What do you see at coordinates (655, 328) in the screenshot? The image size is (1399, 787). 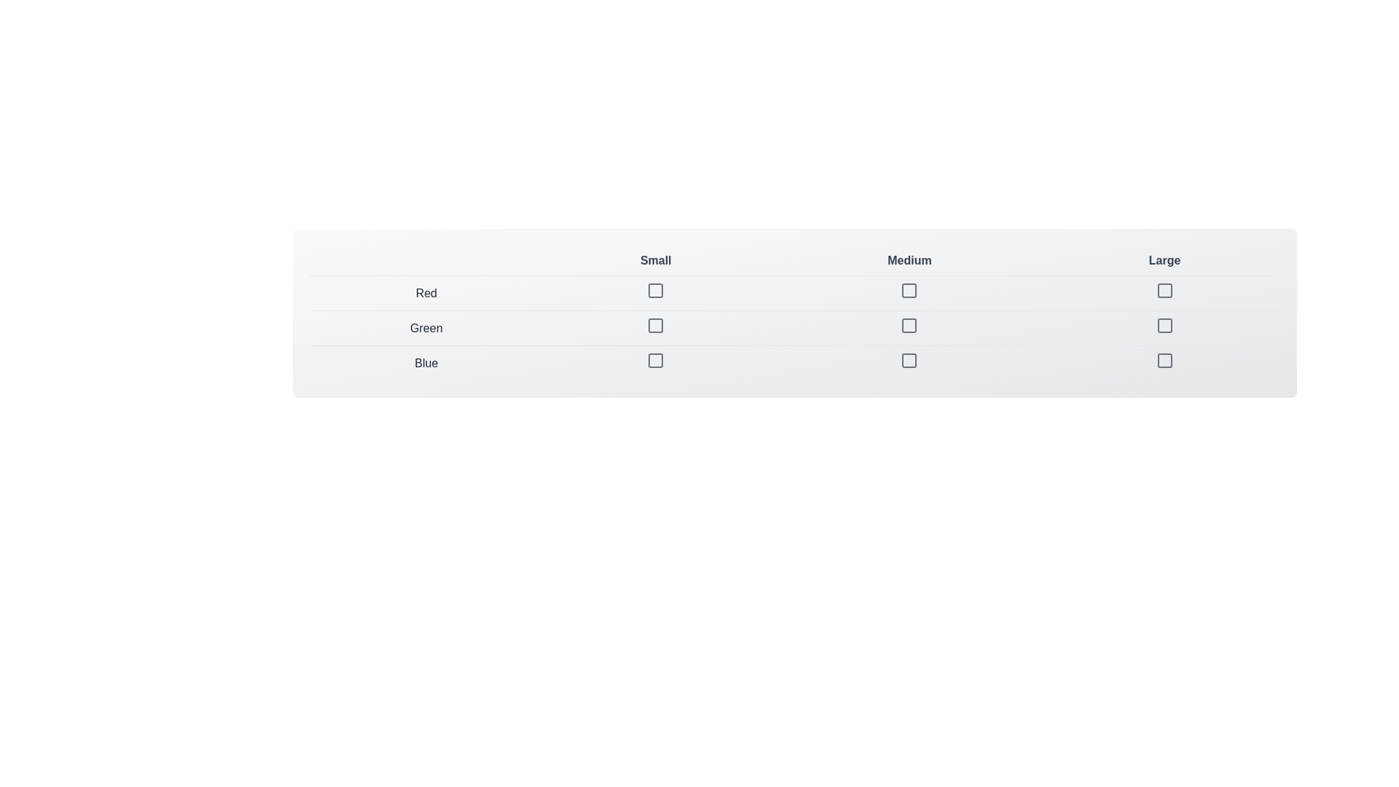 I see `the 'Small' size checkbox for the 'Green' category located in the second row and second column of the table` at bounding box center [655, 328].